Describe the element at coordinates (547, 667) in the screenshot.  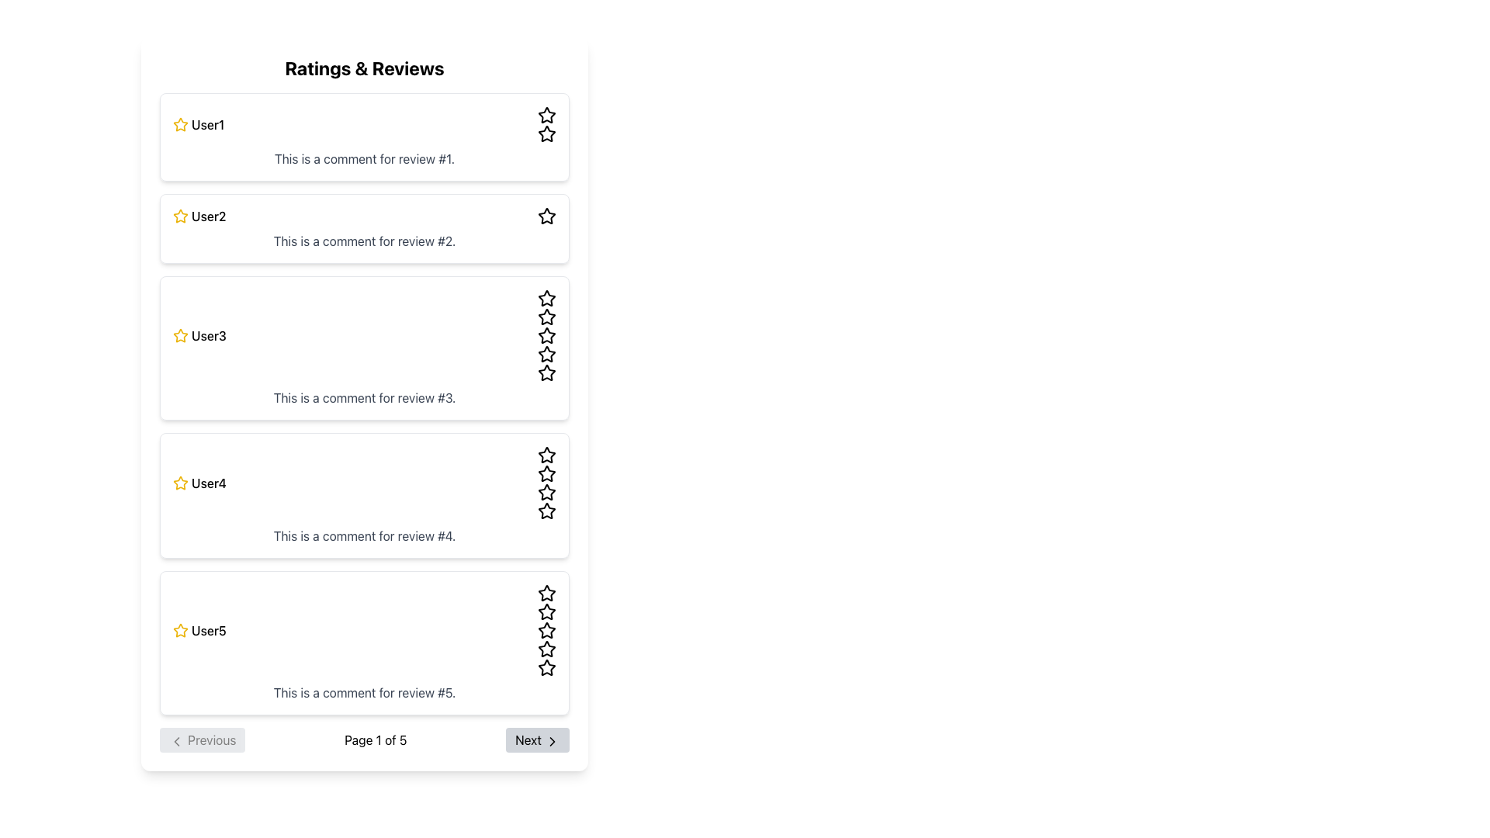
I see `the fifth star icon to rate the comment from 'User5' located at the bottom of the visible card list` at that location.